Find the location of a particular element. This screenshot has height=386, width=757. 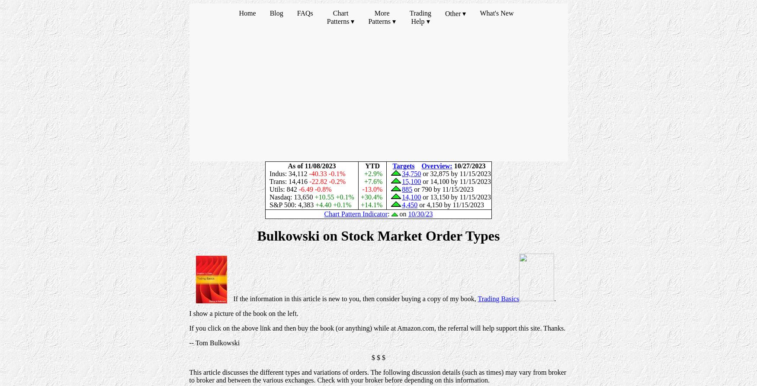

'Chart' is located at coordinates (340, 13).